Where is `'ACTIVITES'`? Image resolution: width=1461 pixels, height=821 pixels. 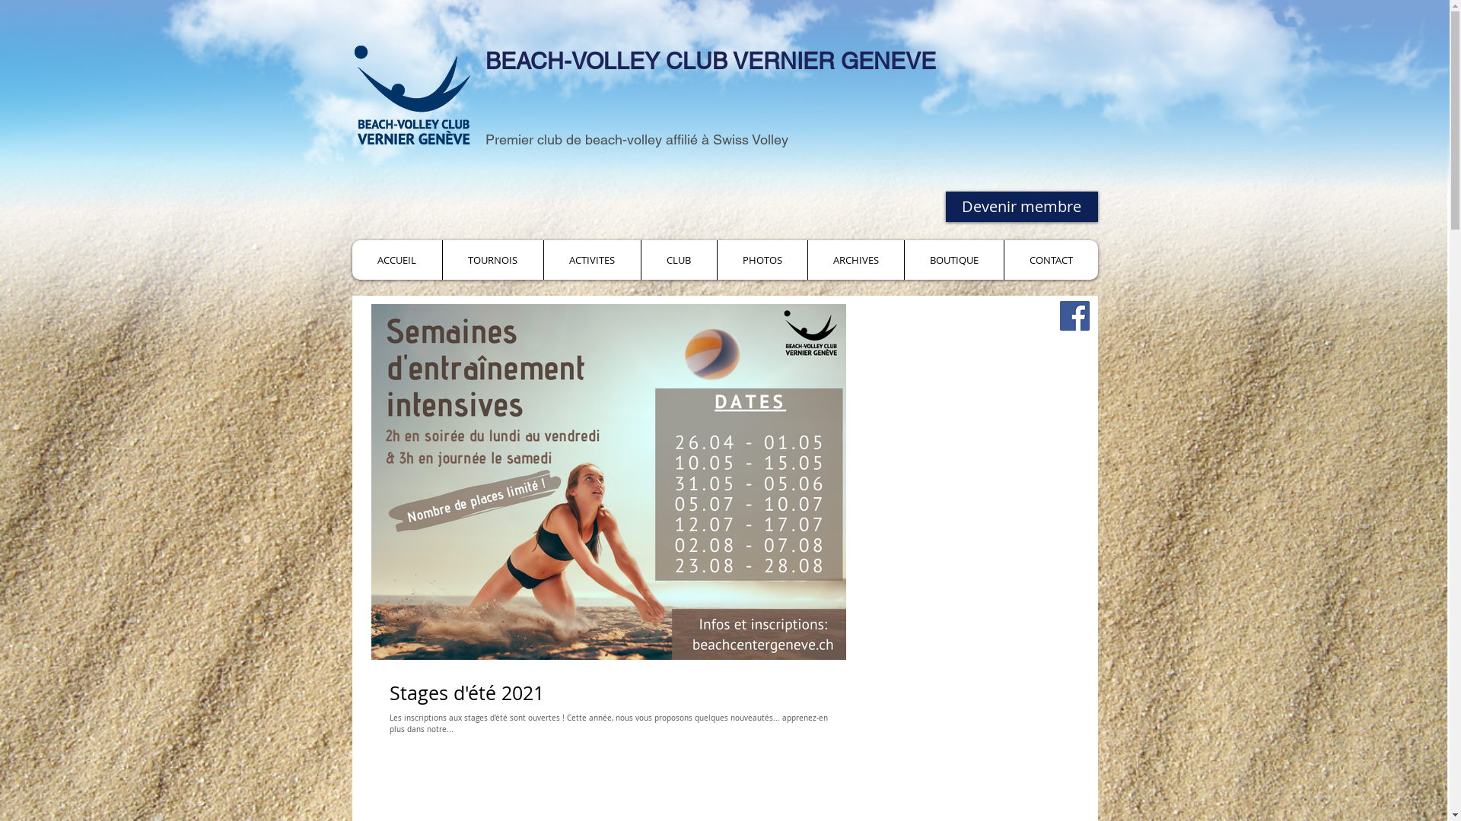
'ACTIVITES' is located at coordinates (590, 259).